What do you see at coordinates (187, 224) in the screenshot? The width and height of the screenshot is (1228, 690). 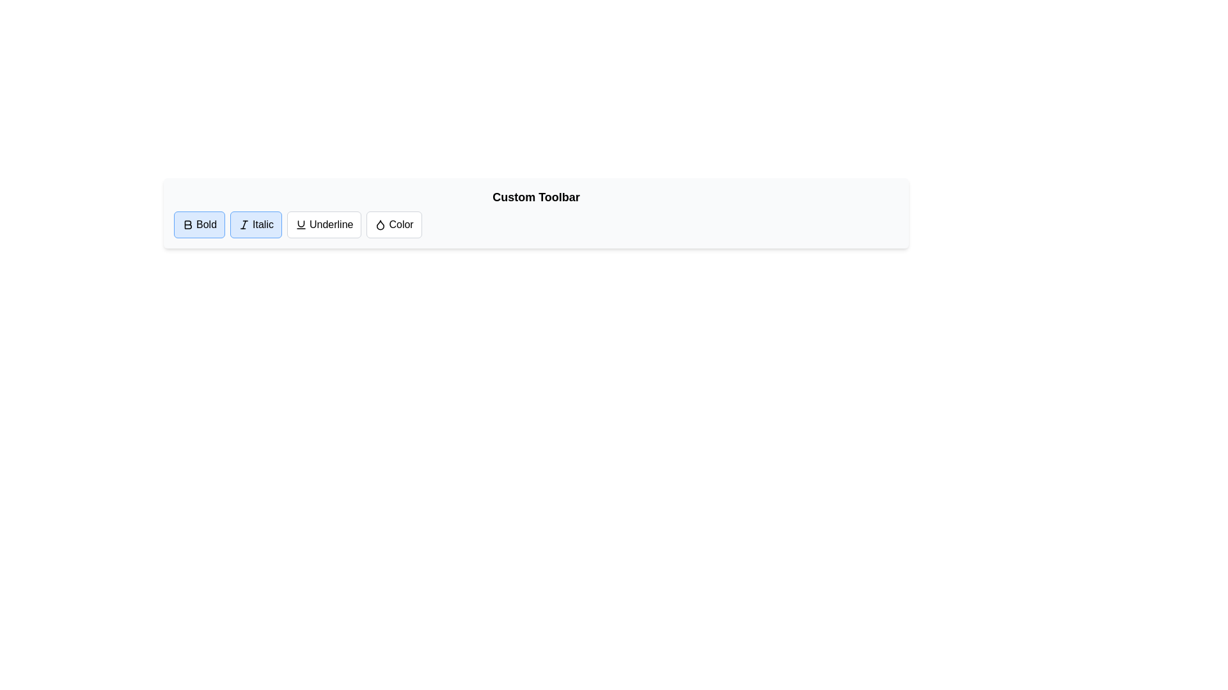 I see `the bold 'B' icon within the 'Bold' button in the toolbar` at bounding box center [187, 224].